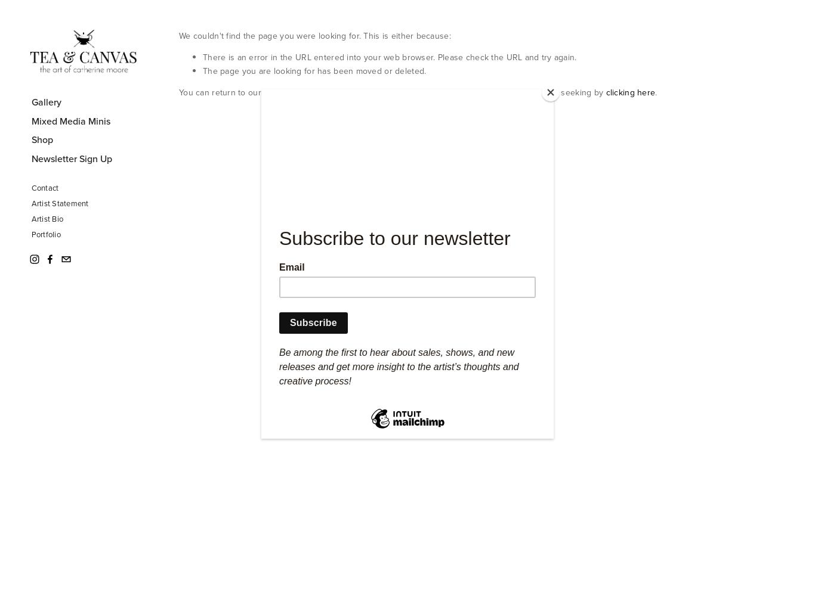 Image resolution: width=815 pixels, height=596 pixels. What do you see at coordinates (486, 92) in the screenshot?
I see `', or you can try searching for the
  content you are seeking by'` at bounding box center [486, 92].